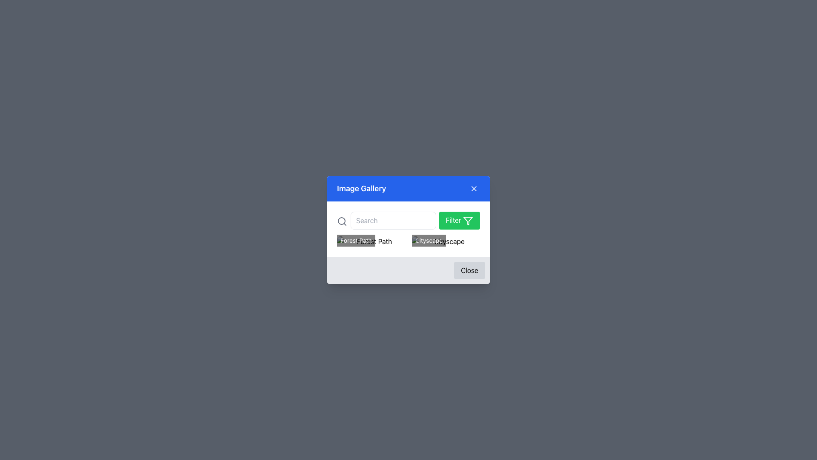  I want to click on the 'Close' button in the bottom right corner of the footer modal to change its background color, so click(469, 270).